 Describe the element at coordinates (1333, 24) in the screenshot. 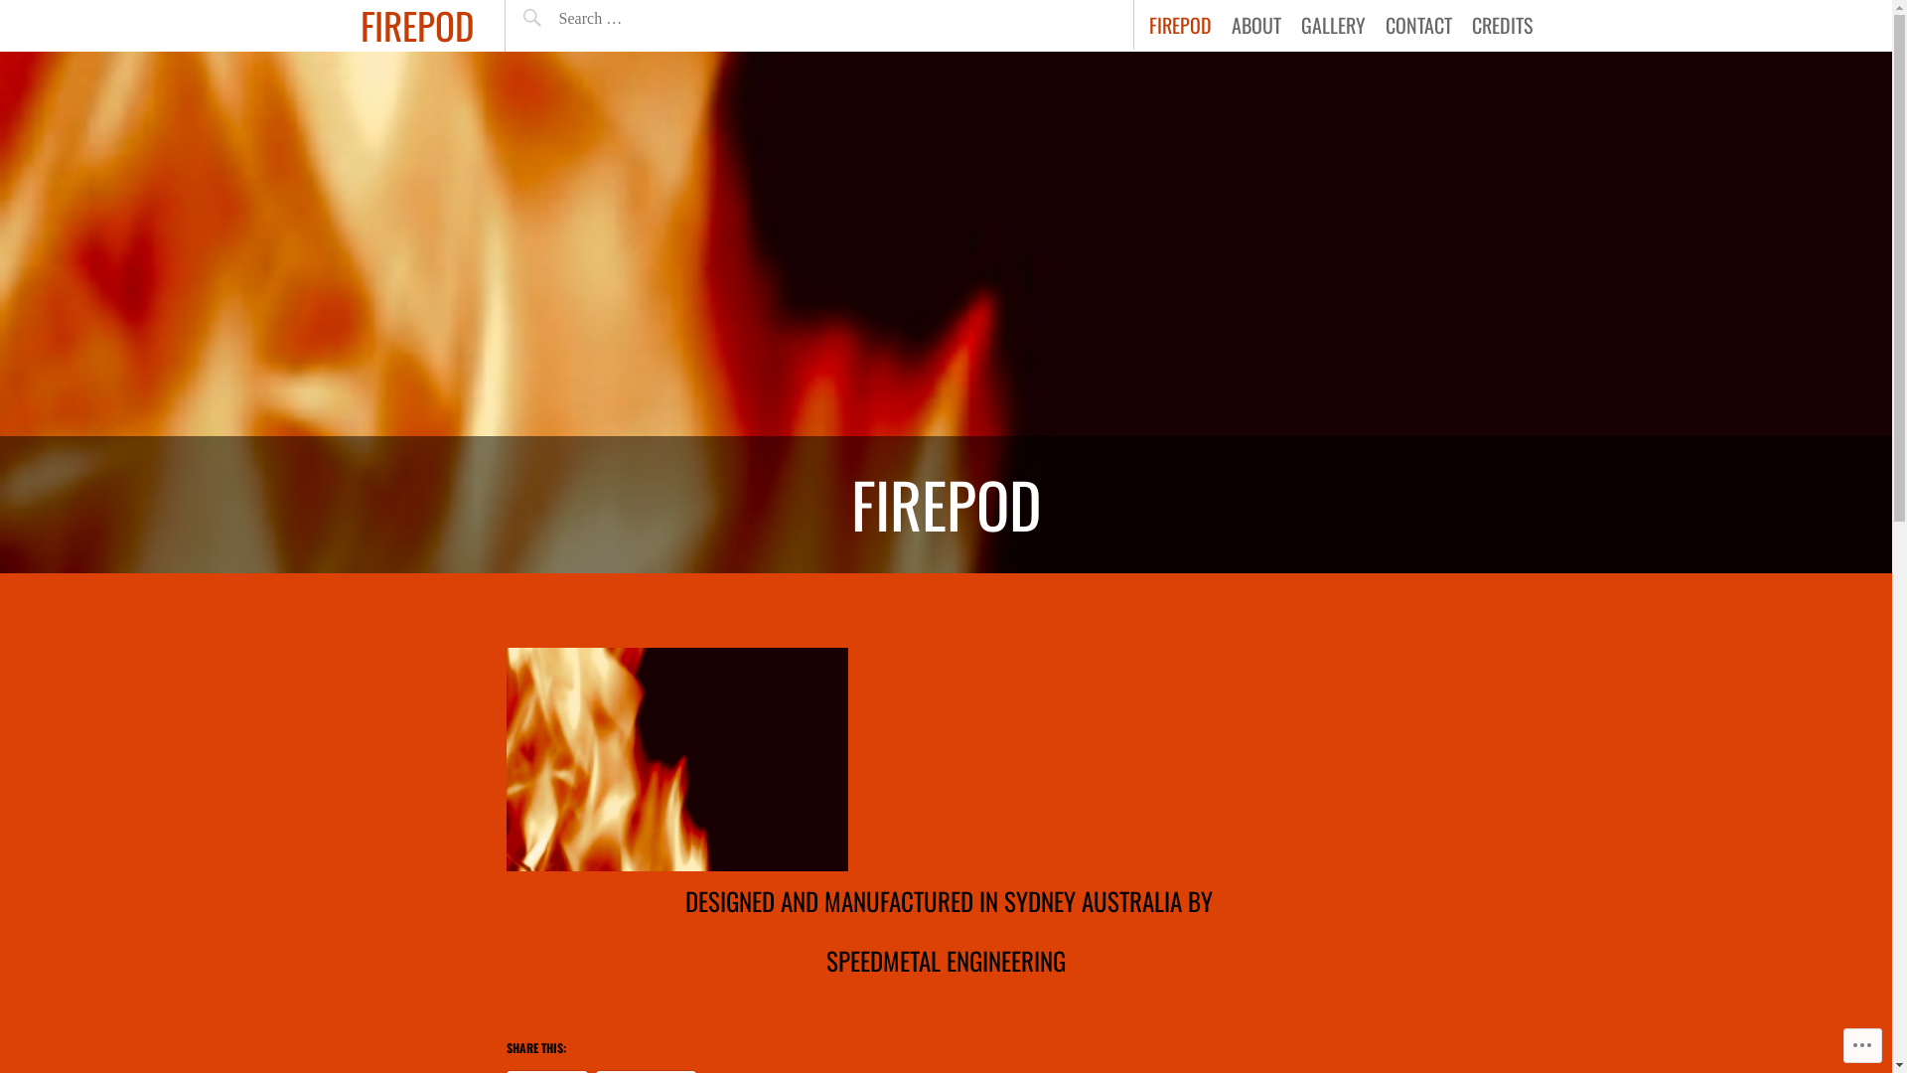

I see `'GALLERY'` at that location.